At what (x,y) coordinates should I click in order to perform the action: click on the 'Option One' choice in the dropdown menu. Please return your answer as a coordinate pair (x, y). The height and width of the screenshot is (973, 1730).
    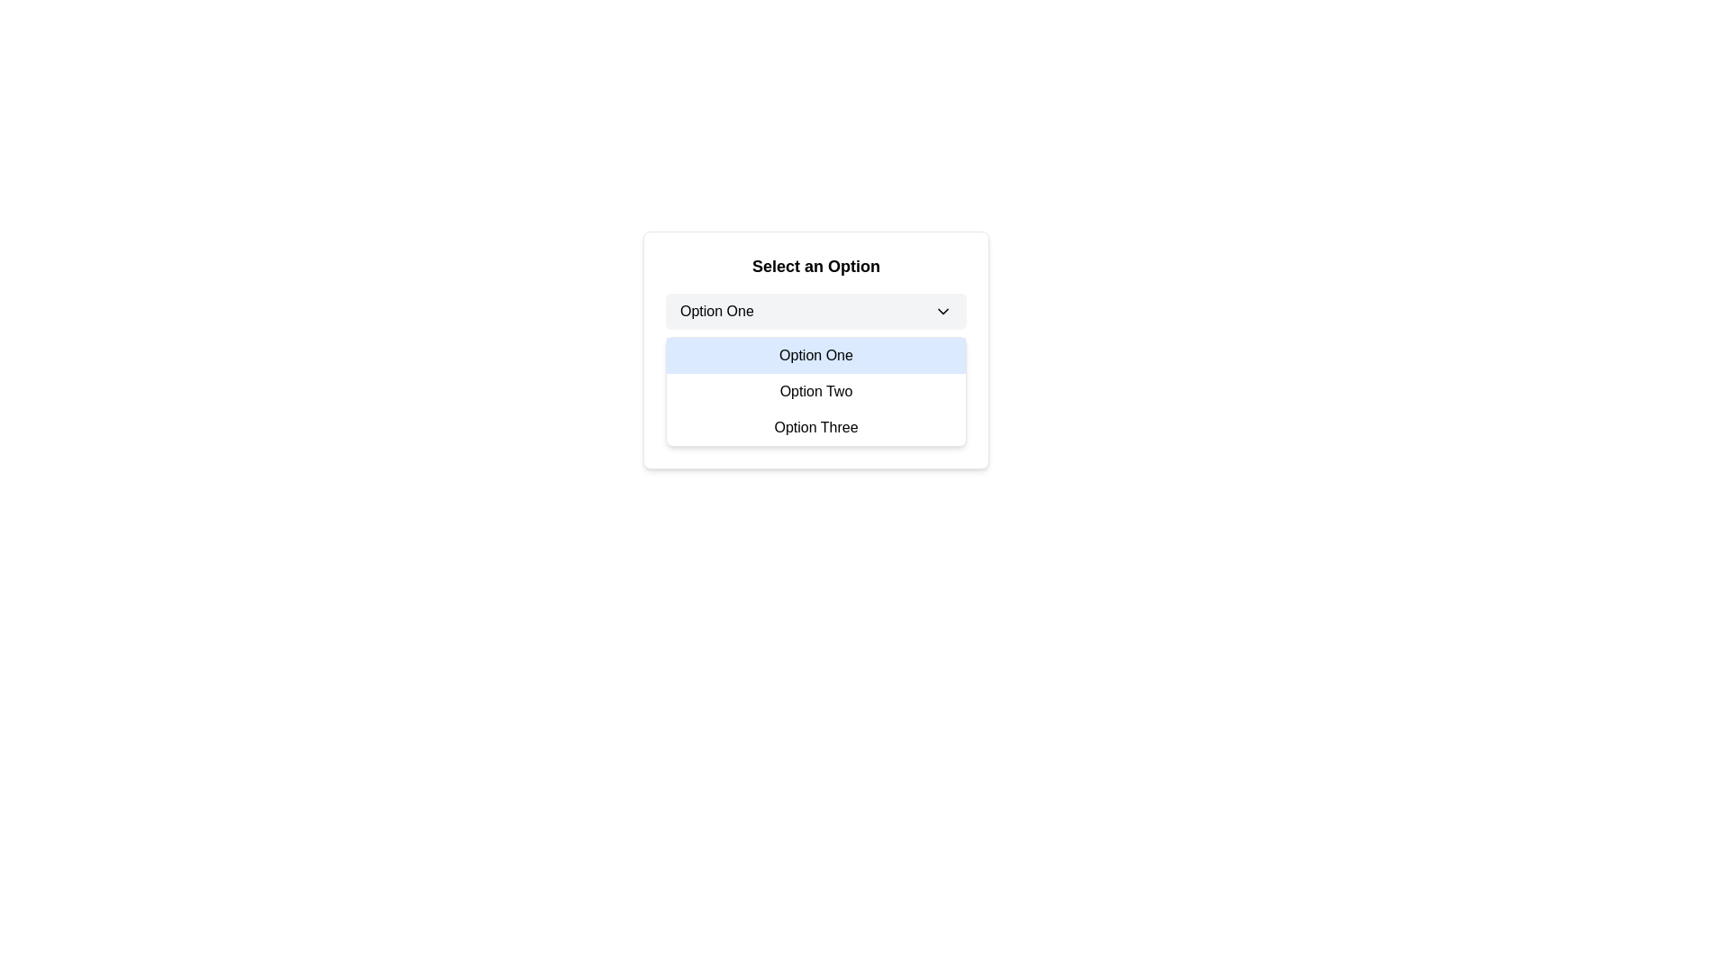
    Looking at the image, I should click on (815, 350).